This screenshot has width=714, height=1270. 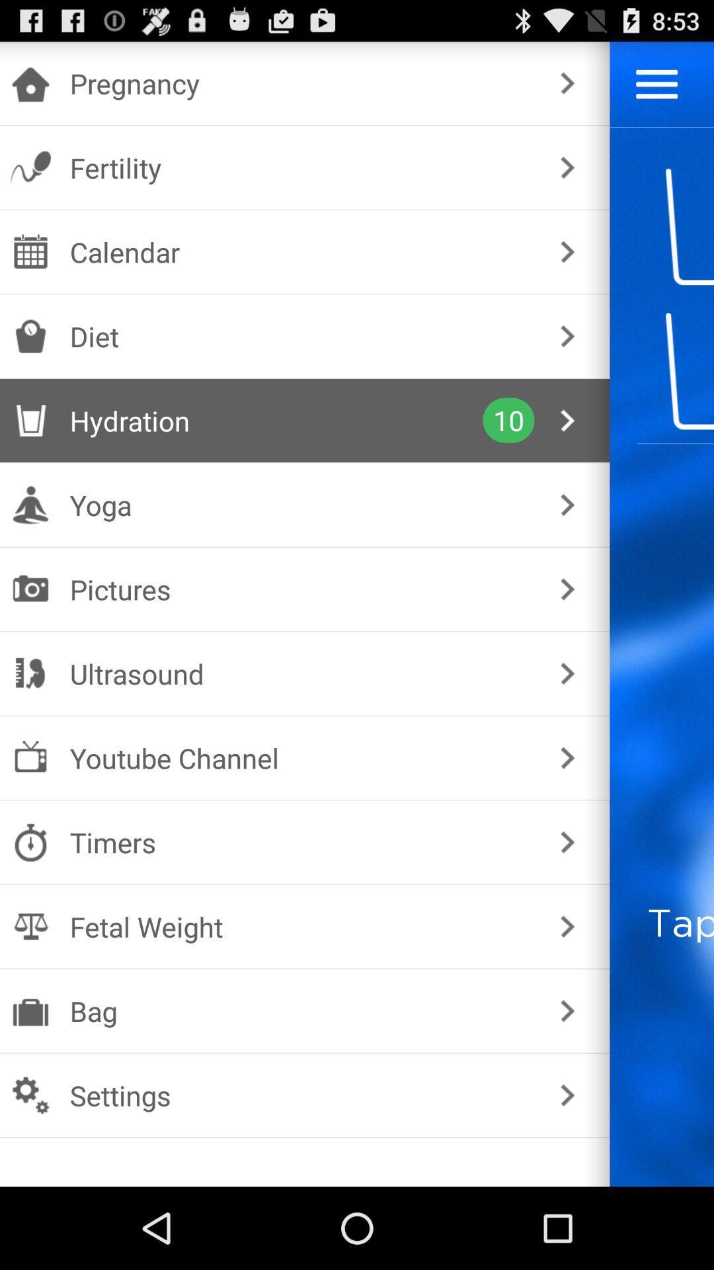 What do you see at coordinates (276, 419) in the screenshot?
I see `the hydration checkbox` at bounding box center [276, 419].